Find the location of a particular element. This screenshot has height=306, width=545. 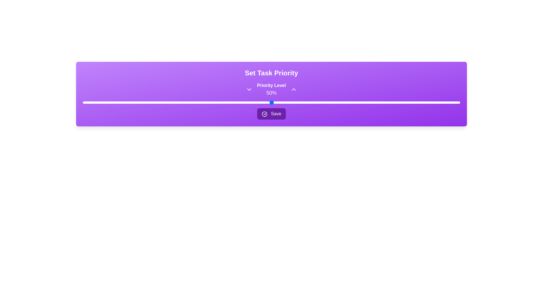

the upward-pointing chevron-shaped icon button located to the right of the text '50%' is located at coordinates (294, 89).